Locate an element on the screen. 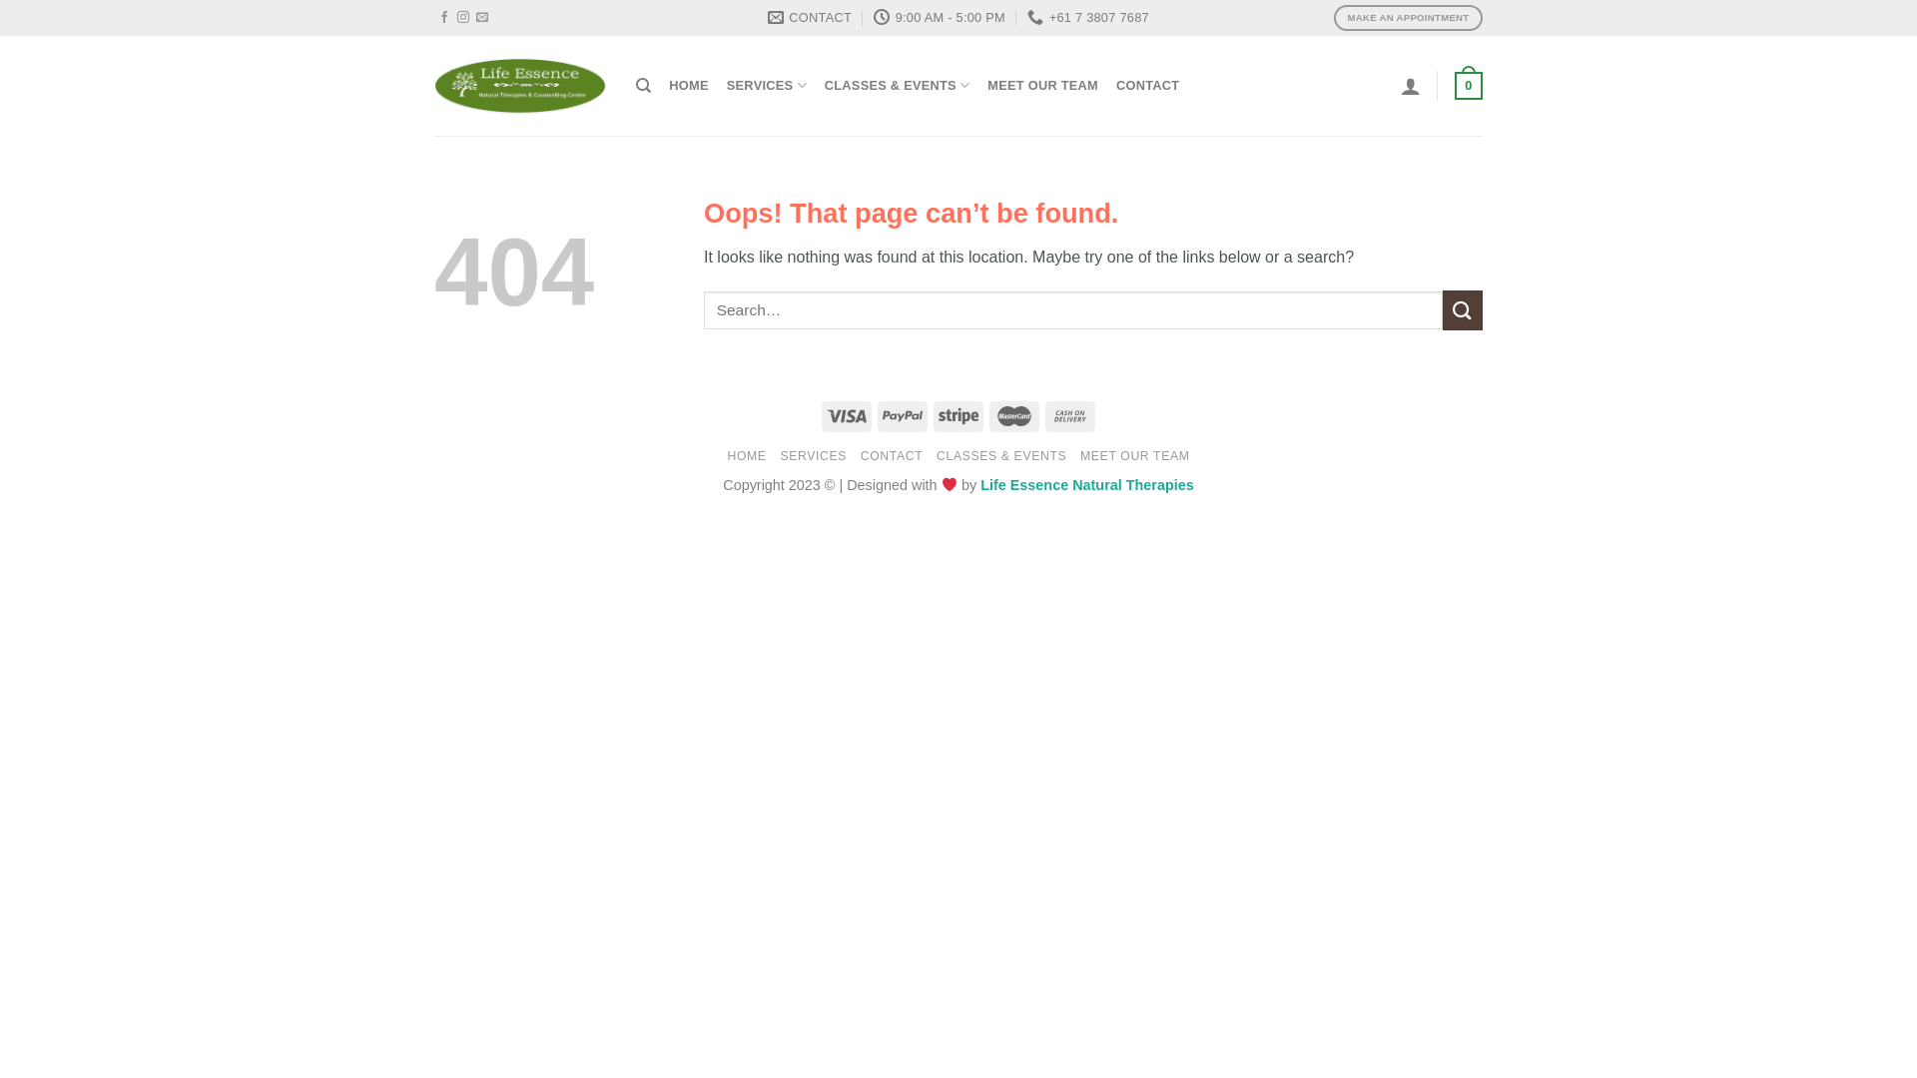 Image resolution: width=1917 pixels, height=1078 pixels. '0' is located at coordinates (1455, 84).